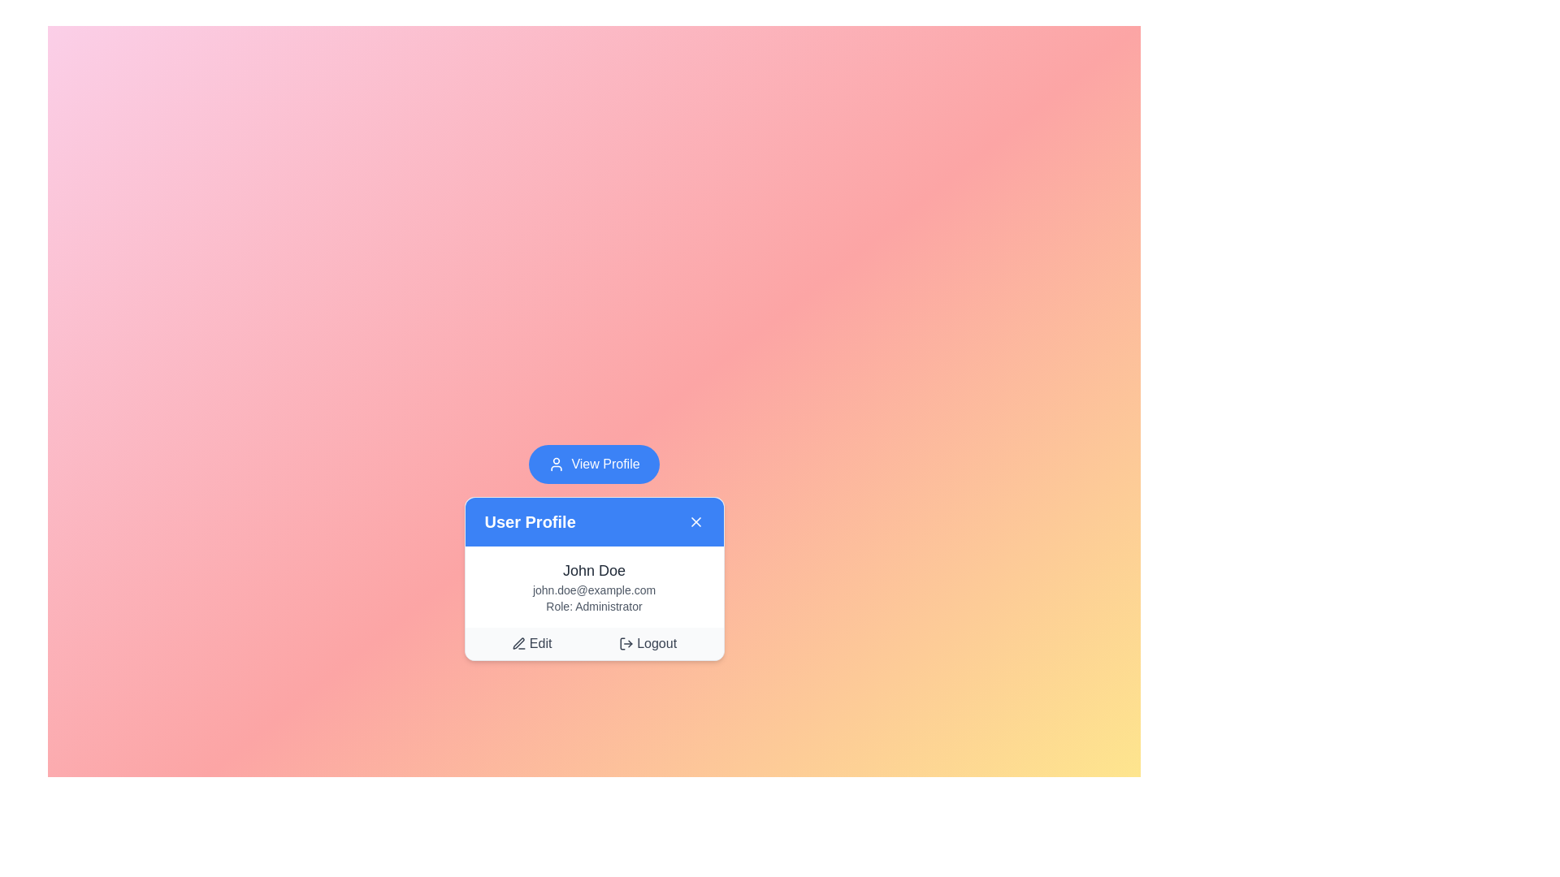  I want to click on the 'Close' button located in the top-right corner of the blue header section of the 'User Profile' card, so click(695, 522).